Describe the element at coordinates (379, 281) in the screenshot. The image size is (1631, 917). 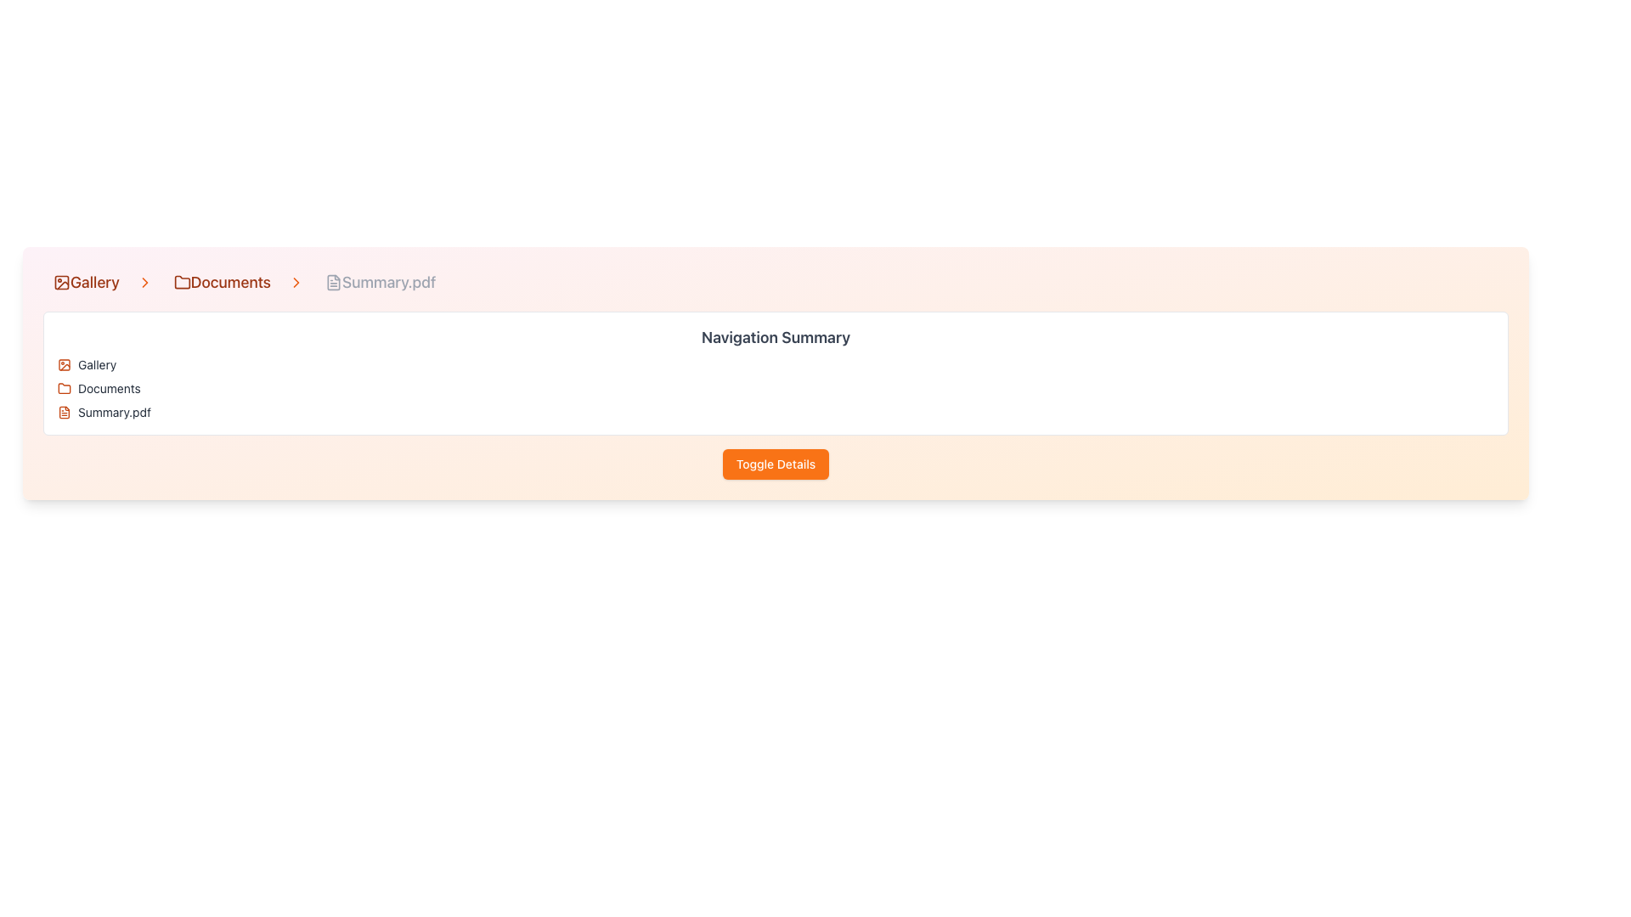
I see `the 'Summary.pdf' Breadcrumb link located in the top navigation breadcrumb bar` at that location.